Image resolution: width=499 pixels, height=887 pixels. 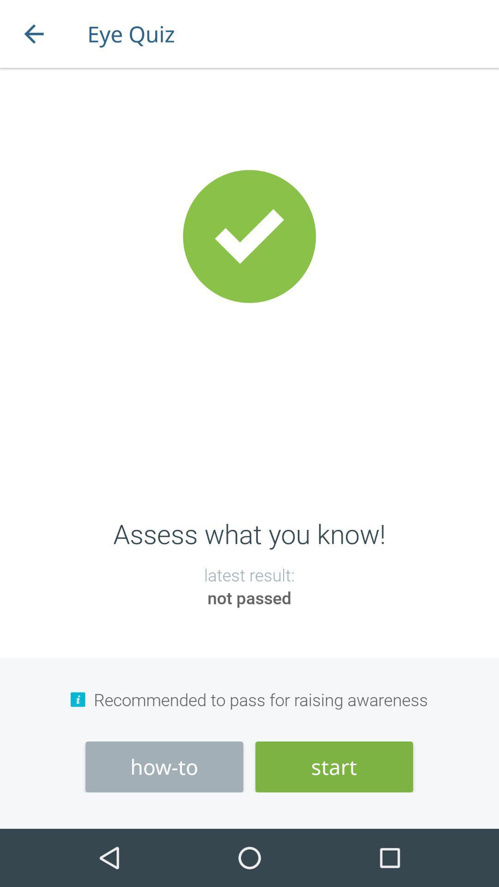 What do you see at coordinates (33, 34) in the screenshot?
I see `the icon next to the eye quiz` at bounding box center [33, 34].